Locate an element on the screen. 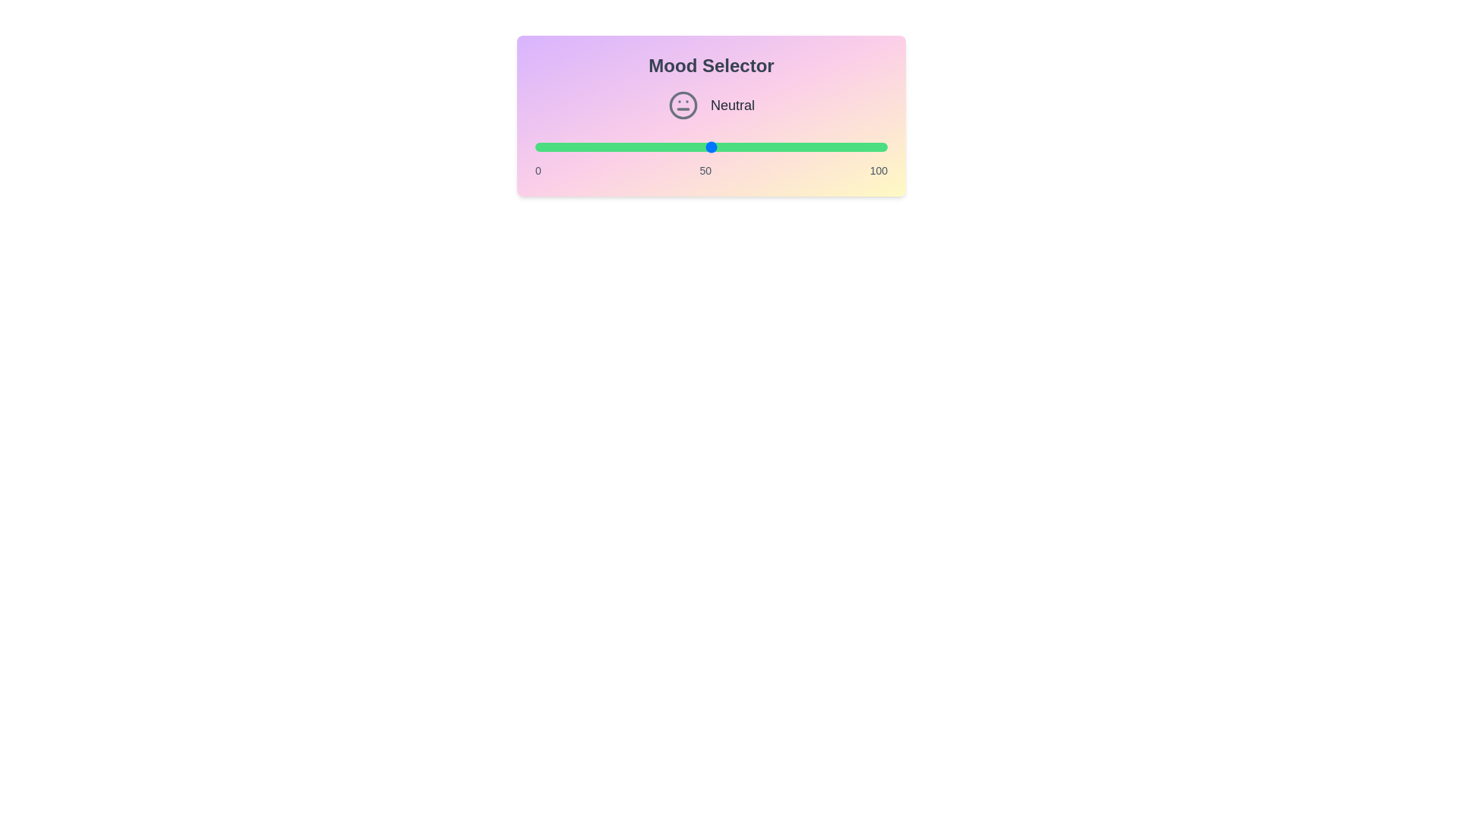 The width and height of the screenshot is (1458, 820). the mood value to 3 by adjusting the slider is located at coordinates (545, 147).